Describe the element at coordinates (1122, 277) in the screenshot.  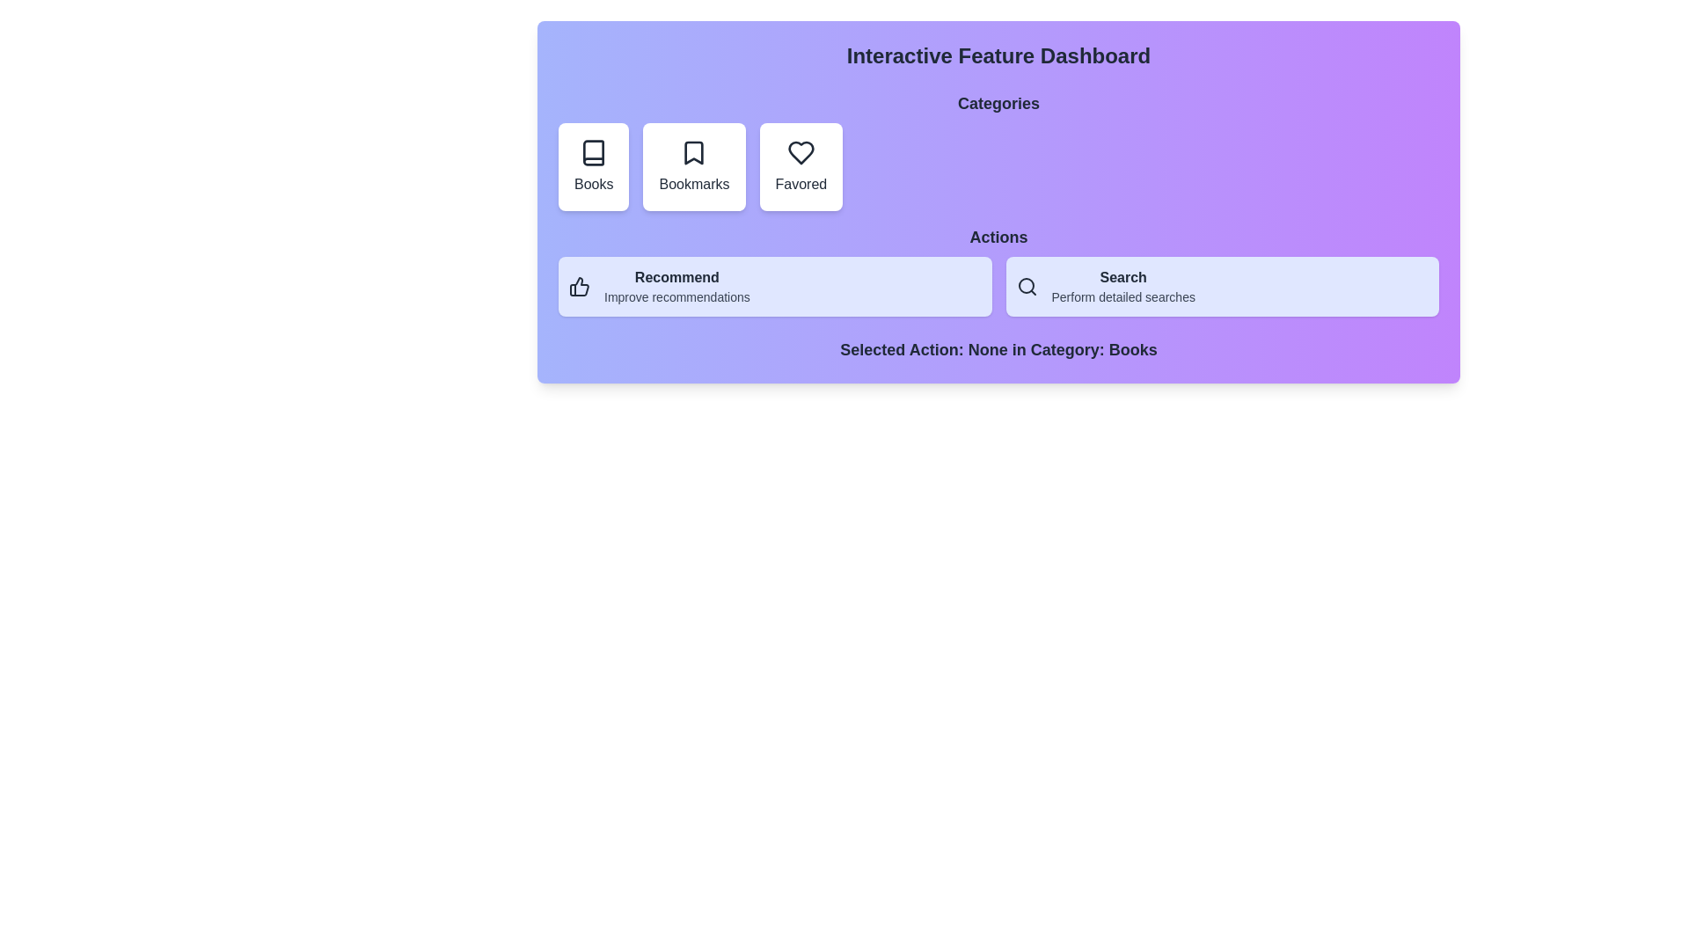
I see `the descriptive label for the interactive action or section that facilitates performing searches, located at the top portion of the light blue background rectangle in the 'Actions' area` at that location.